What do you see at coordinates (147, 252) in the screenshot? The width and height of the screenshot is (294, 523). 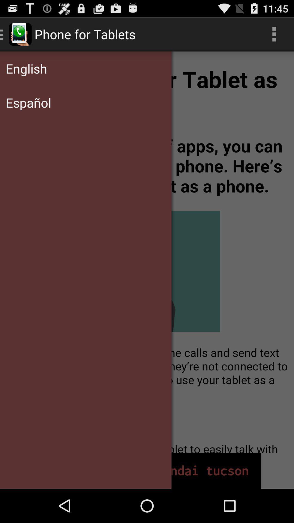 I see `english or spanish` at bounding box center [147, 252].